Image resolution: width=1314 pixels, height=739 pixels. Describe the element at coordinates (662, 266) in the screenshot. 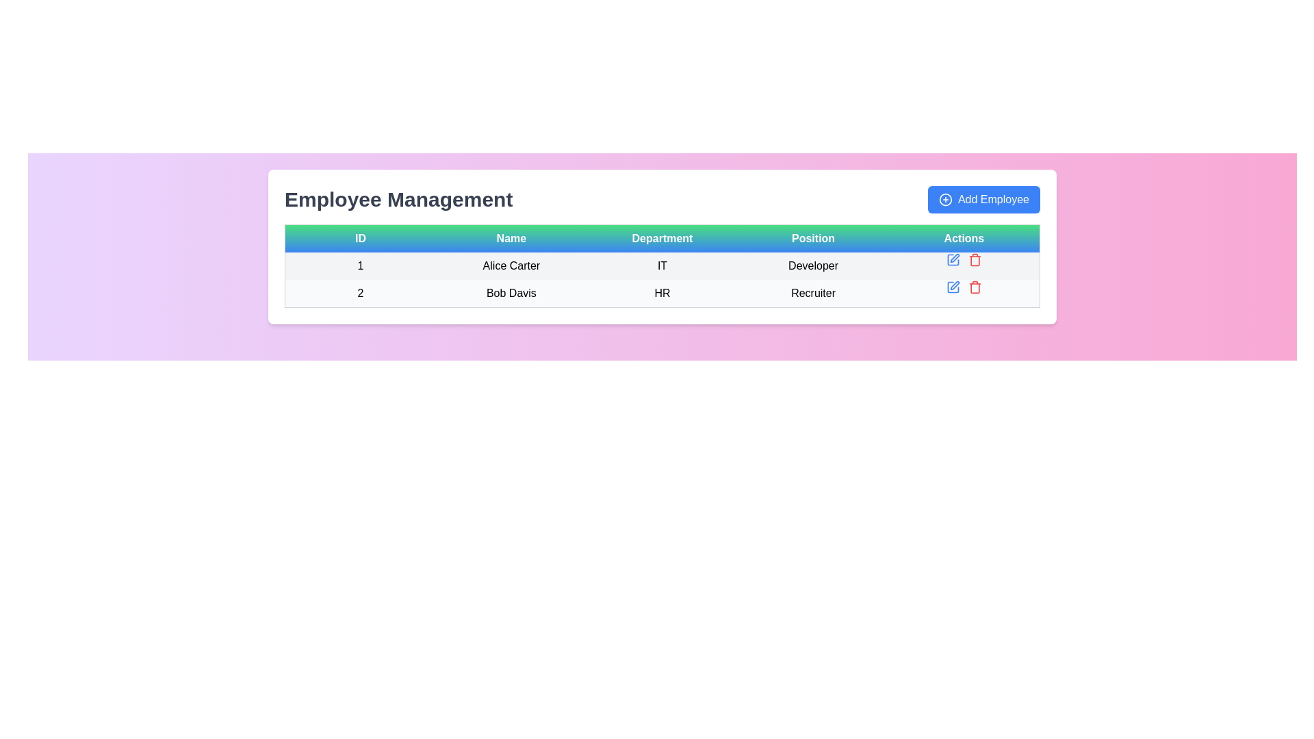

I see `the first row of the Employee Management table containing the ID '1', name 'Alice Carter', department 'IT', and position 'Developer' to interact with it` at that location.